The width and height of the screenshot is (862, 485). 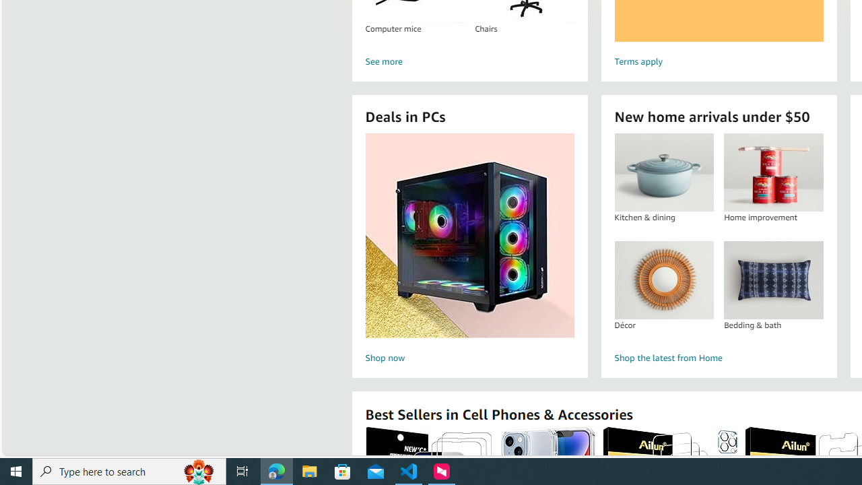 What do you see at coordinates (663, 172) in the screenshot?
I see `'Kitchen & dining'` at bounding box center [663, 172].